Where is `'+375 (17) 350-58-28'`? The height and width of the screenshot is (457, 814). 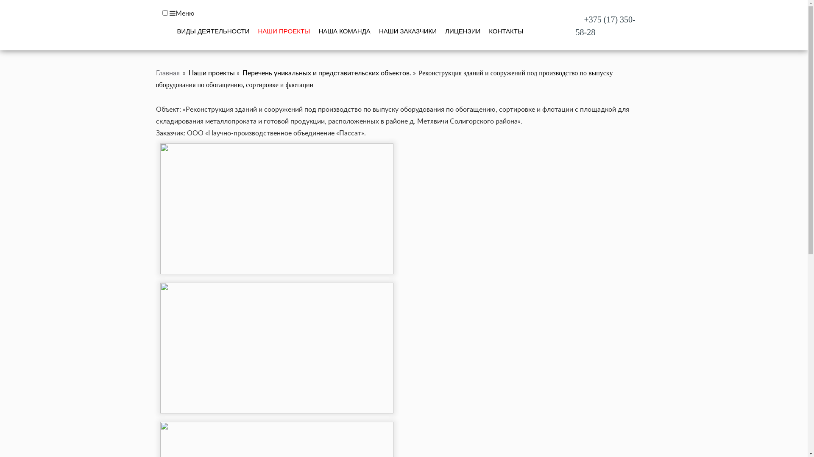
'+375 (17) 350-58-28' is located at coordinates (605, 25).